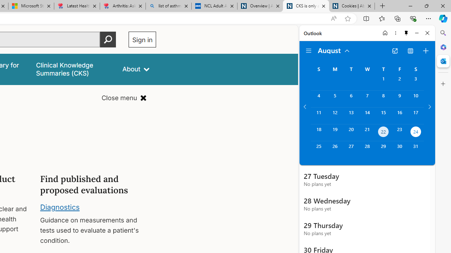 Image resolution: width=451 pixels, height=253 pixels. I want to click on 'Folder navigation', so click(309, 51).